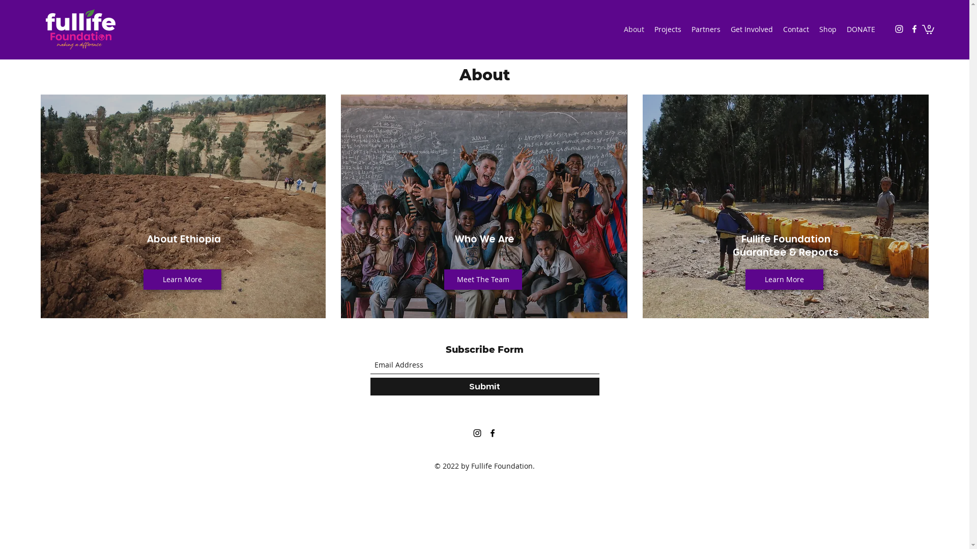 This screenshot has height=549, width=977. I want to click on 'Learn More', so click(182, 280).